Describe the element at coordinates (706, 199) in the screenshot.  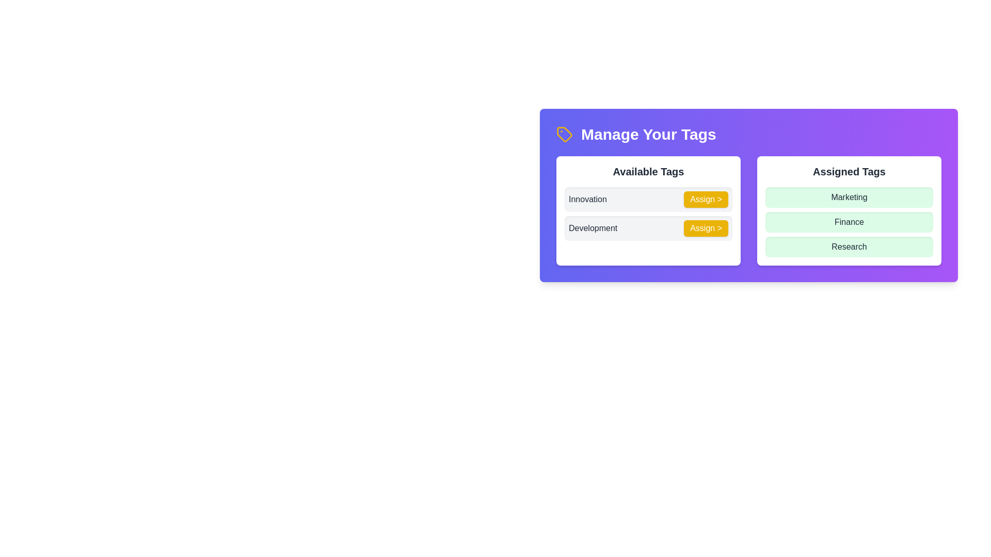
I see `the button with rounded corners and a yellow background that contains the text 'Assign >' to assign the tag` at that location.